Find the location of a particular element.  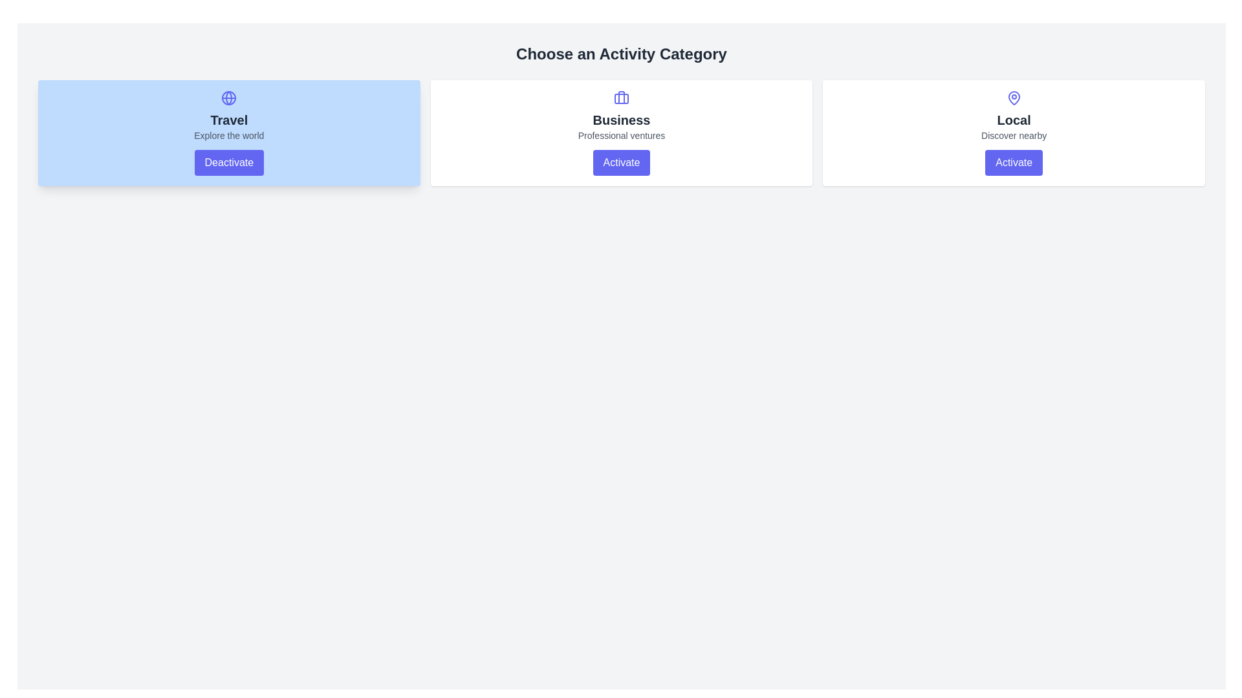

the indigo briefcase icon located above the 'Business' text heading in the second card of a horizontally aligned group of three cards is located at coordinates (621, 97).